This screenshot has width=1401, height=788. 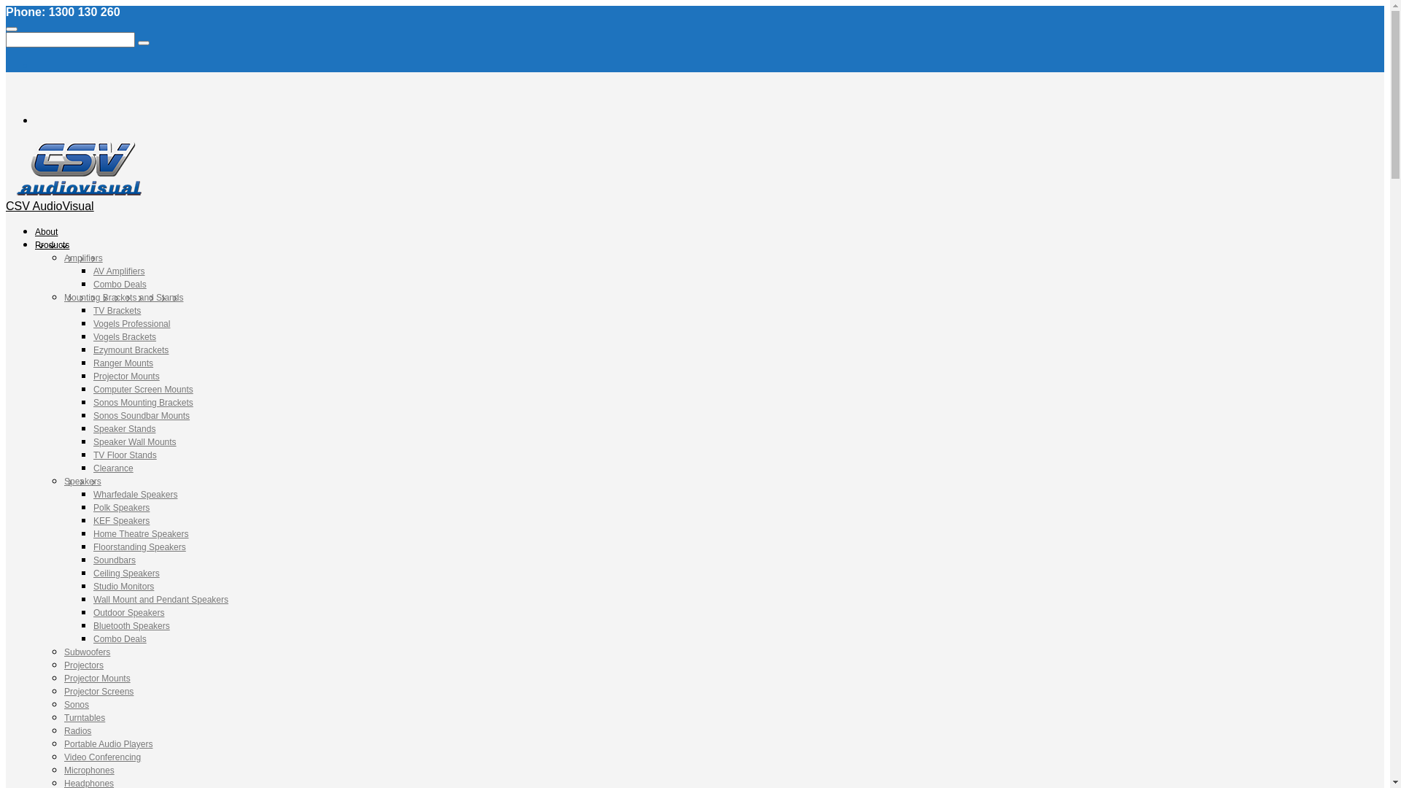 What do you see at coordinates (124, 428) in the screenshot?
I see `'Speaker Stands'` at bounding box center [124, 428].